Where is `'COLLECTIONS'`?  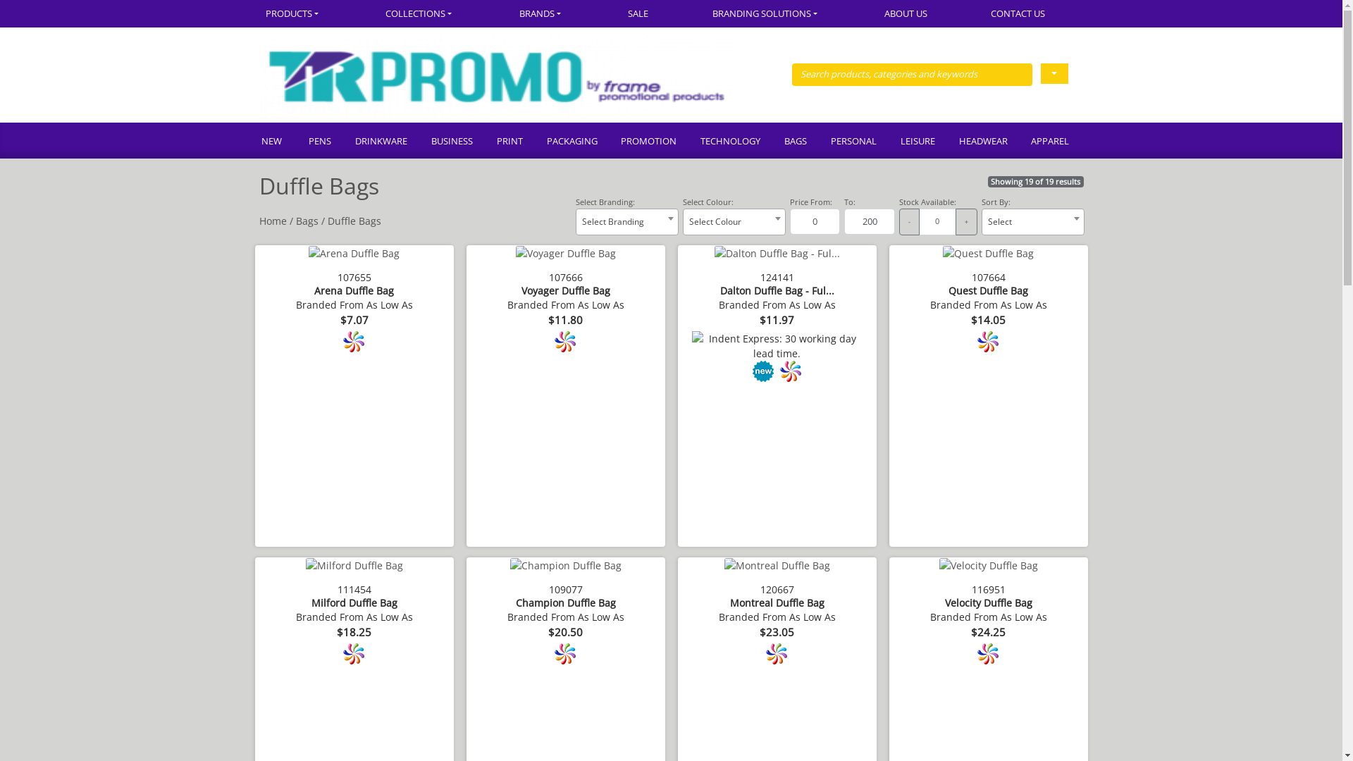 'COLLECTIONS' is located at coordinates (354, 13).